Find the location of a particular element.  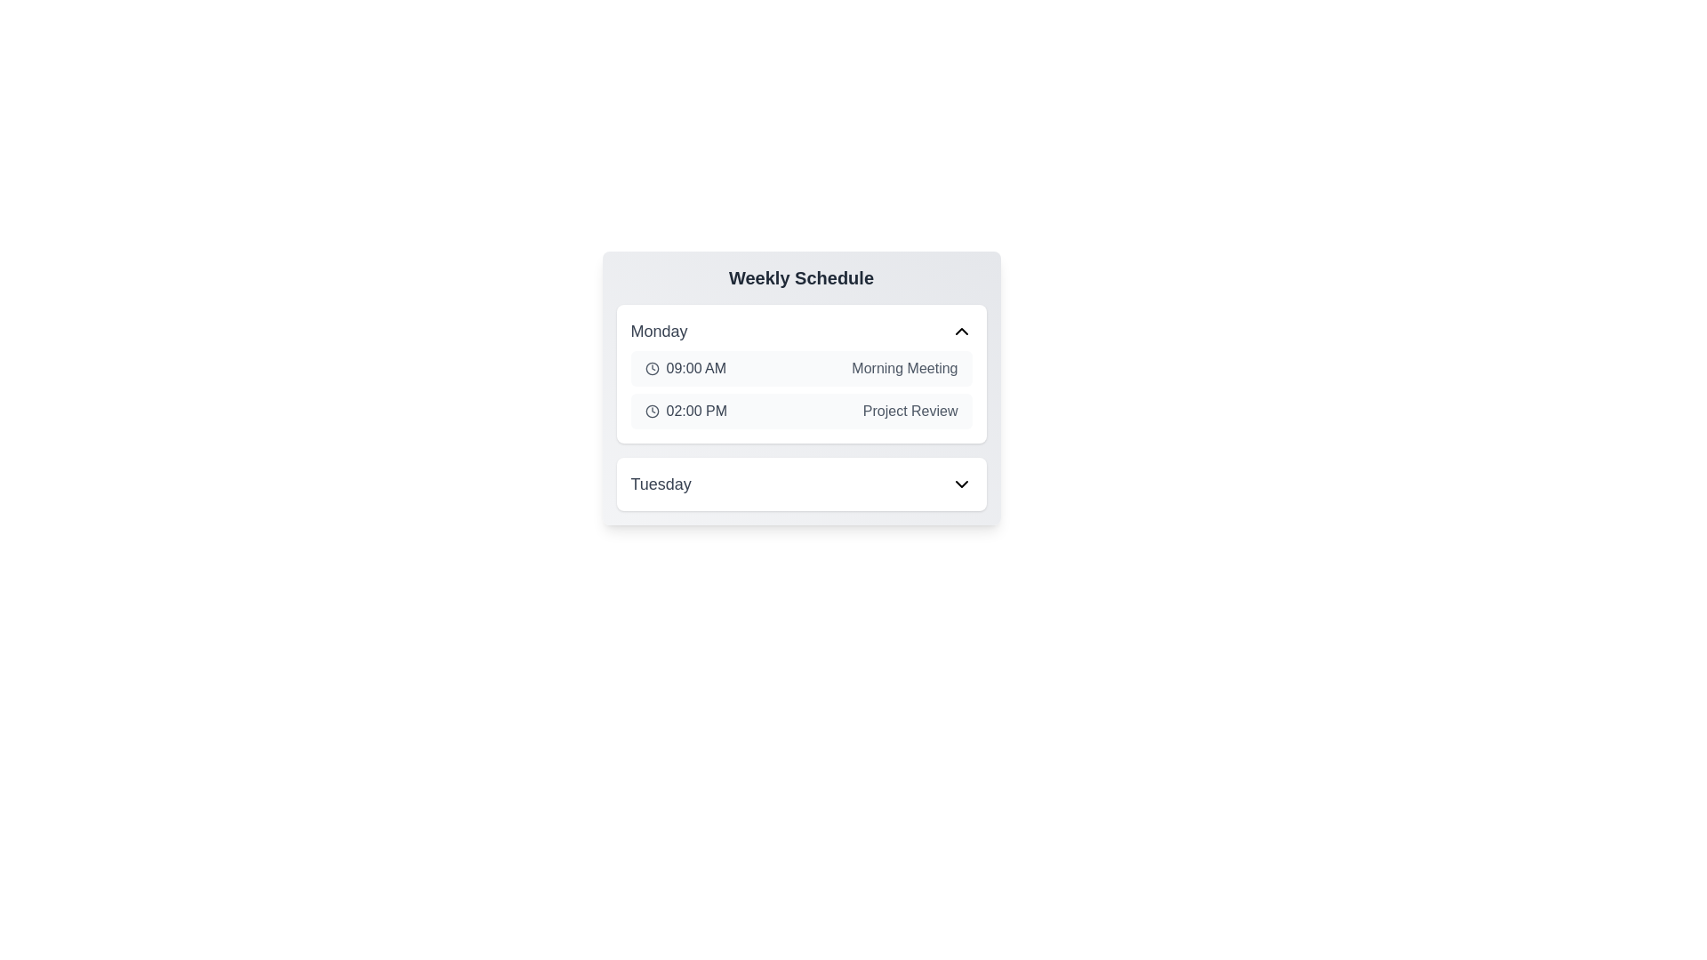

the Text Label with Icon displaying '09:00 AM' in the Monday schedule section of the Weekly Schedule card is located at coordinates (685, 368).